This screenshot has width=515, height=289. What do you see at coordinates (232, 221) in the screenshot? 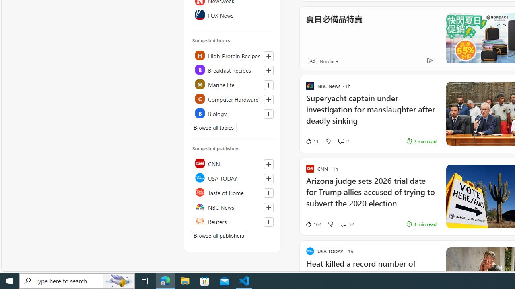
I see `'Reuters'` at bounding box center [232, 221].